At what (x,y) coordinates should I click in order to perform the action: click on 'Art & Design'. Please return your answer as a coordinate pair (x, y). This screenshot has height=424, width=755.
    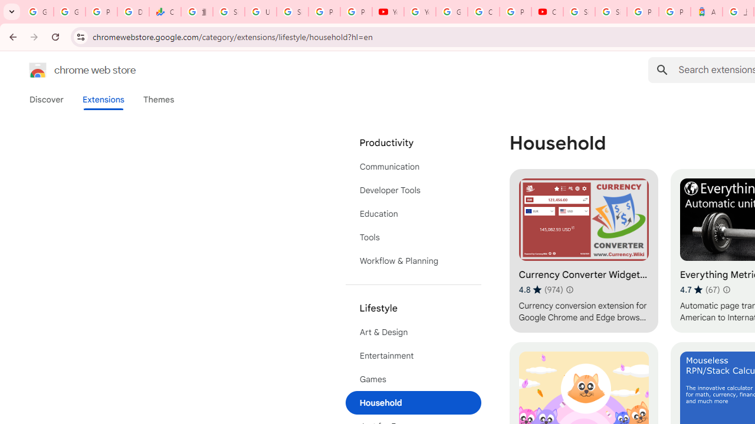
    Looking at the image, I should click on (413, 332).